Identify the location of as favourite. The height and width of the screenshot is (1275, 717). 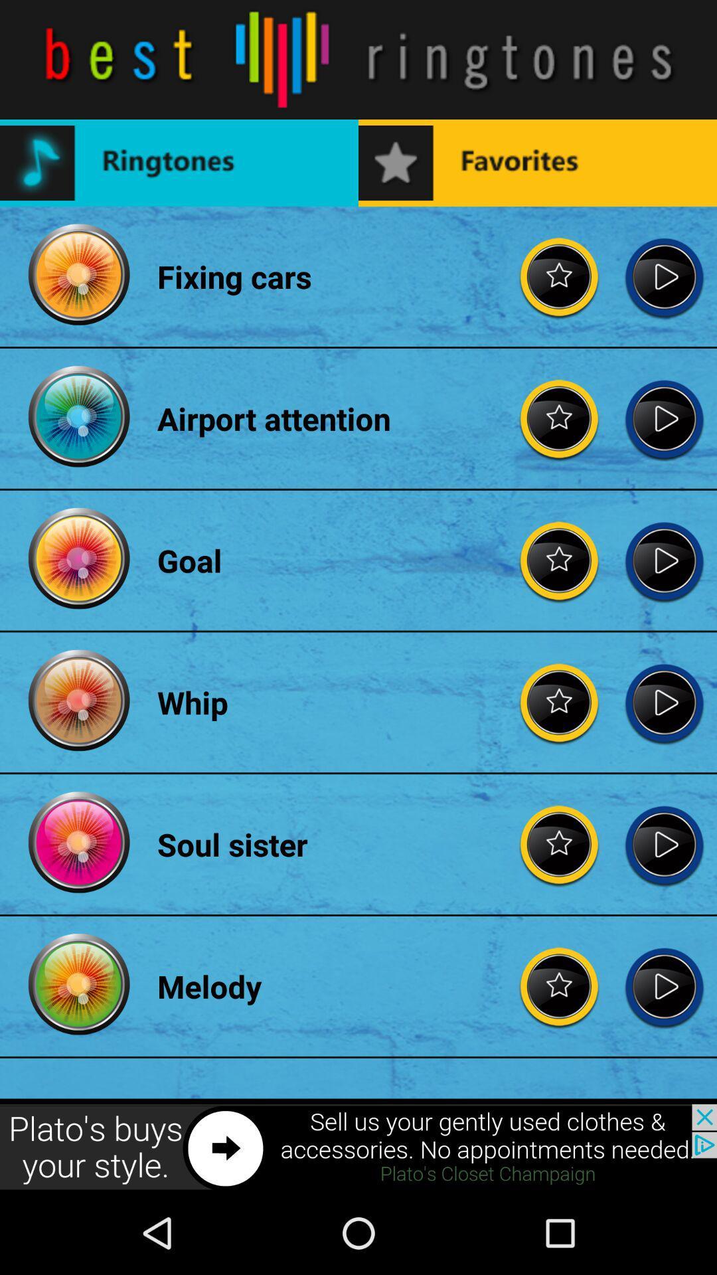
(560, 276).